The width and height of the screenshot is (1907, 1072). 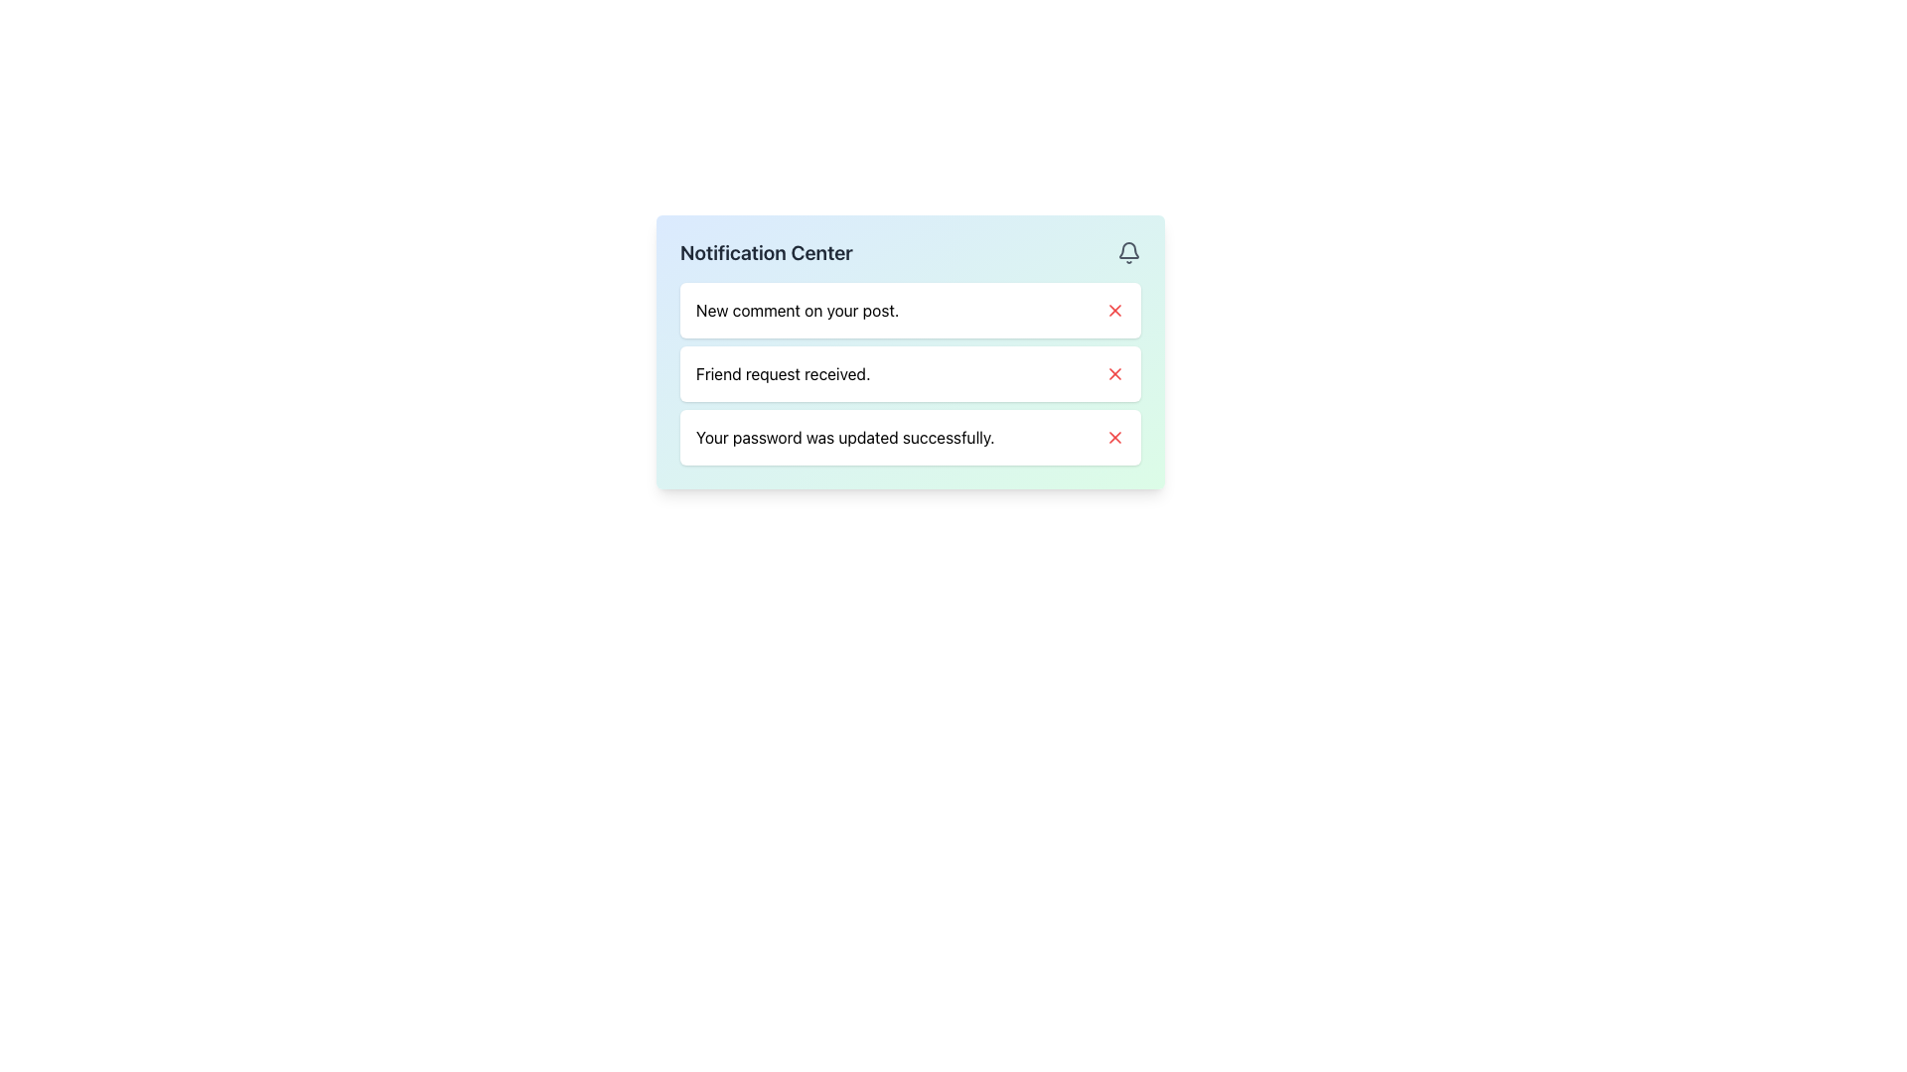 What do you see at coordinates (1129, 251) in the screenshot?
I see `the bell icon located to the right of the 'Notification Center' text header to trigger the hover effect` at bounding box center [1129, 251].